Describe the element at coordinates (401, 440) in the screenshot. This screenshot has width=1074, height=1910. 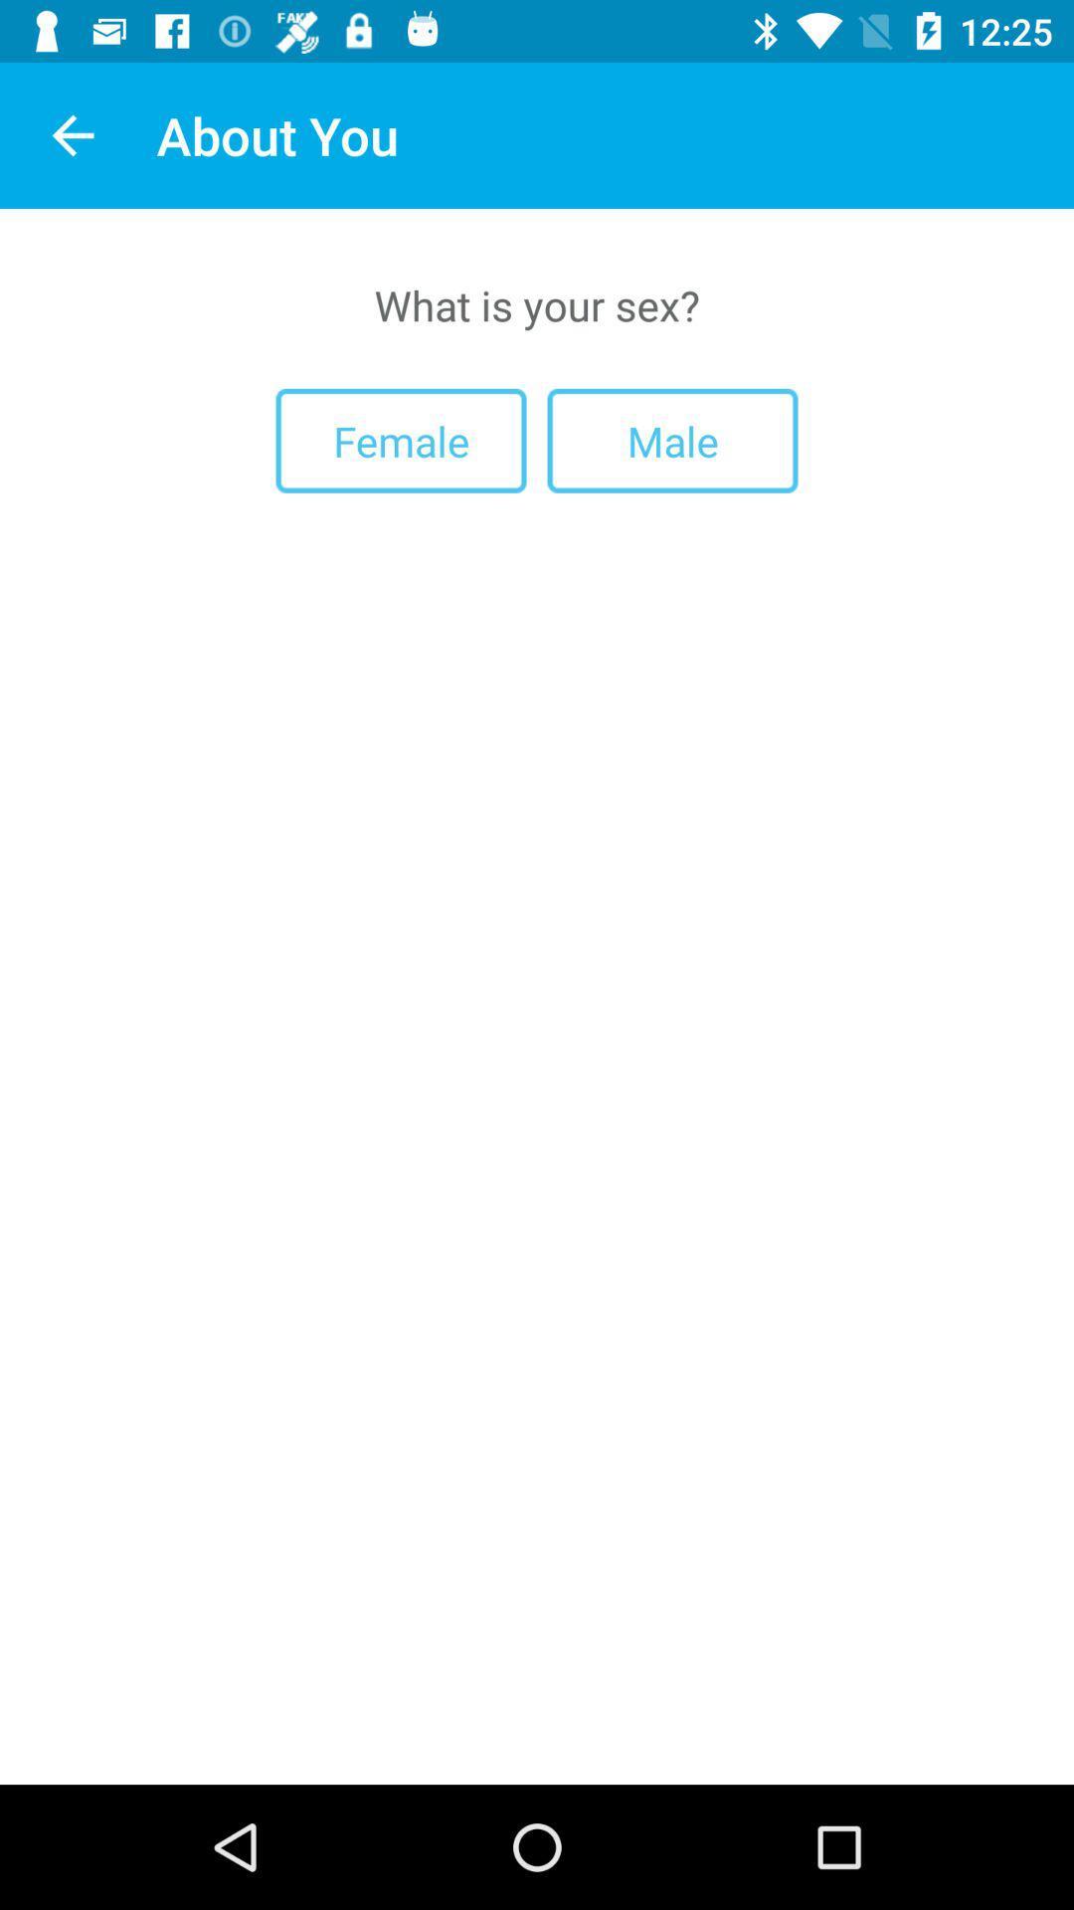
I see `female item` at that location.